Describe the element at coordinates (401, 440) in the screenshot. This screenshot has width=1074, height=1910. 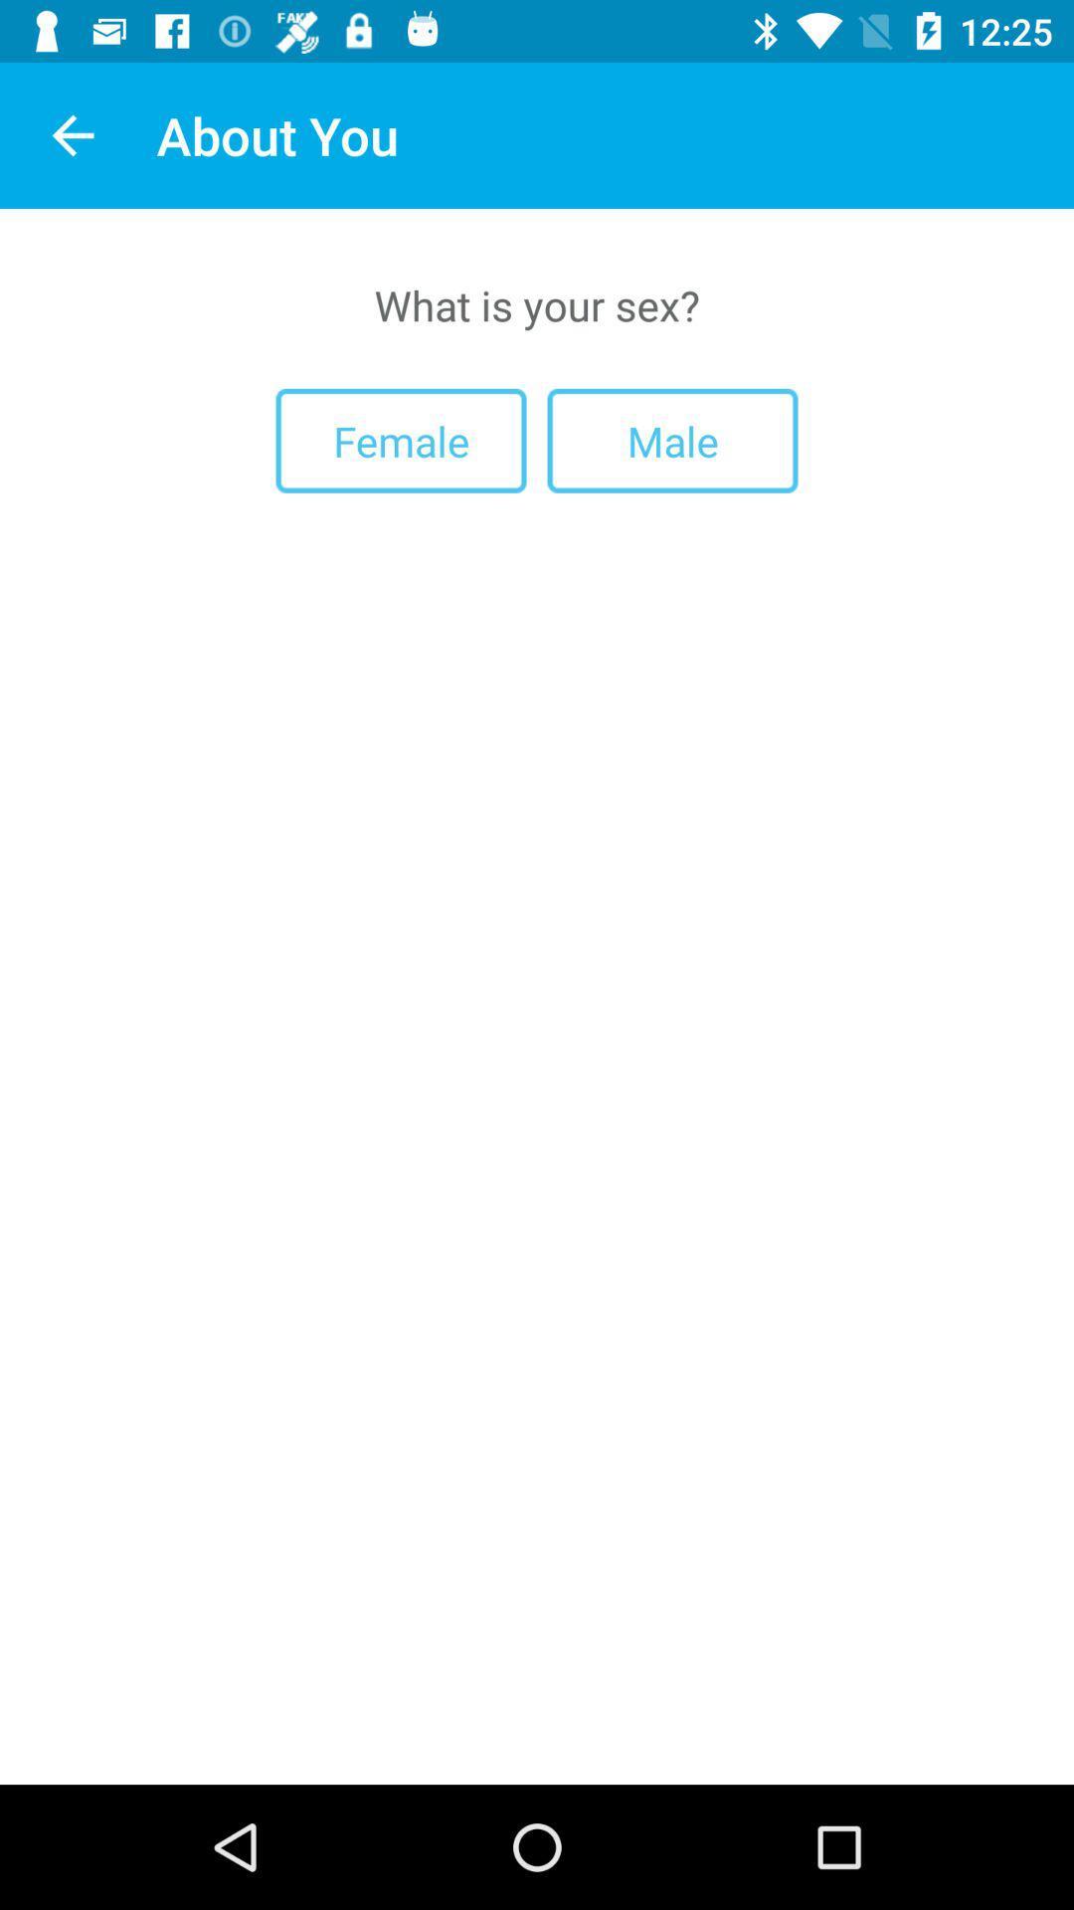
I see `female item` at that location.